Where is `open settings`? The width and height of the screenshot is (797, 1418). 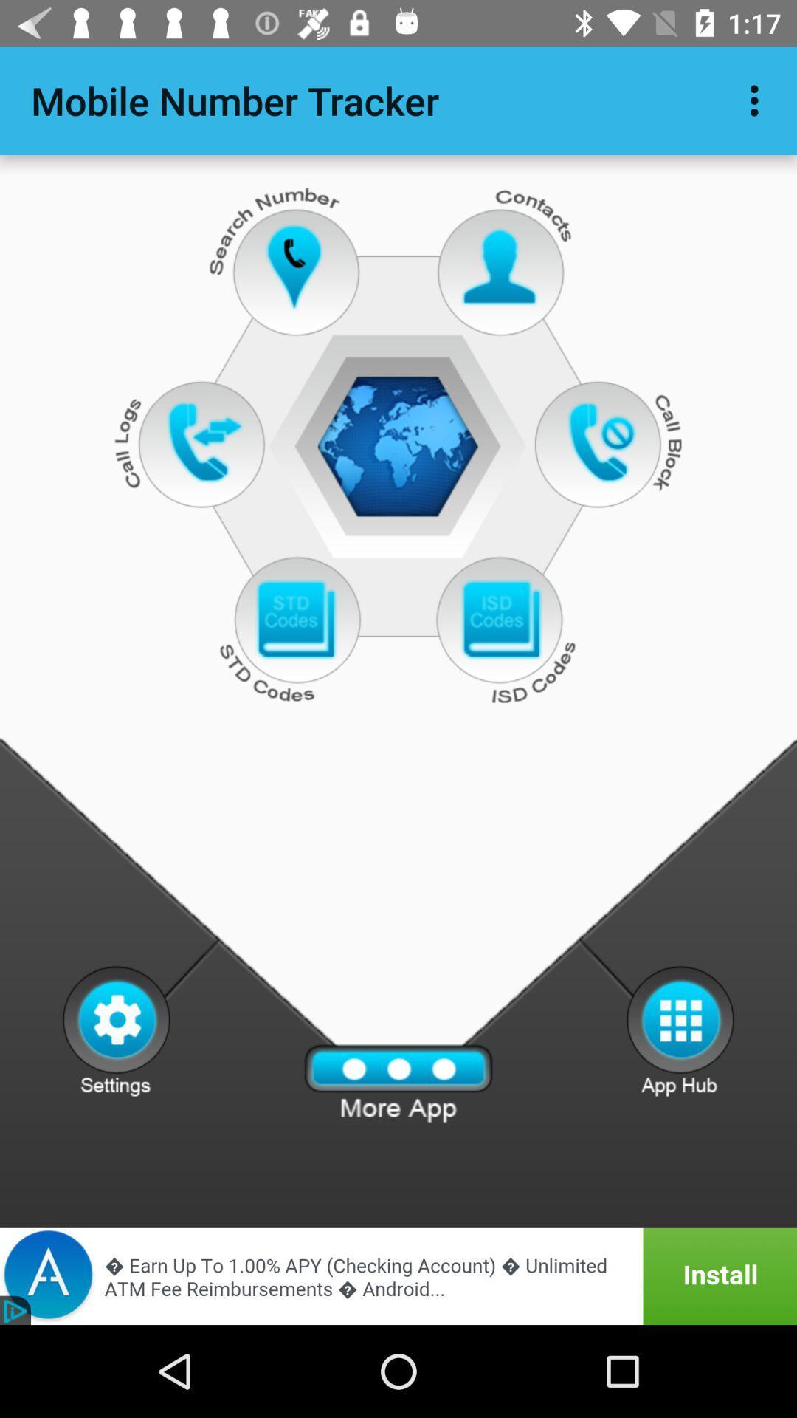
open settings is located at coordinates (115, 1030).